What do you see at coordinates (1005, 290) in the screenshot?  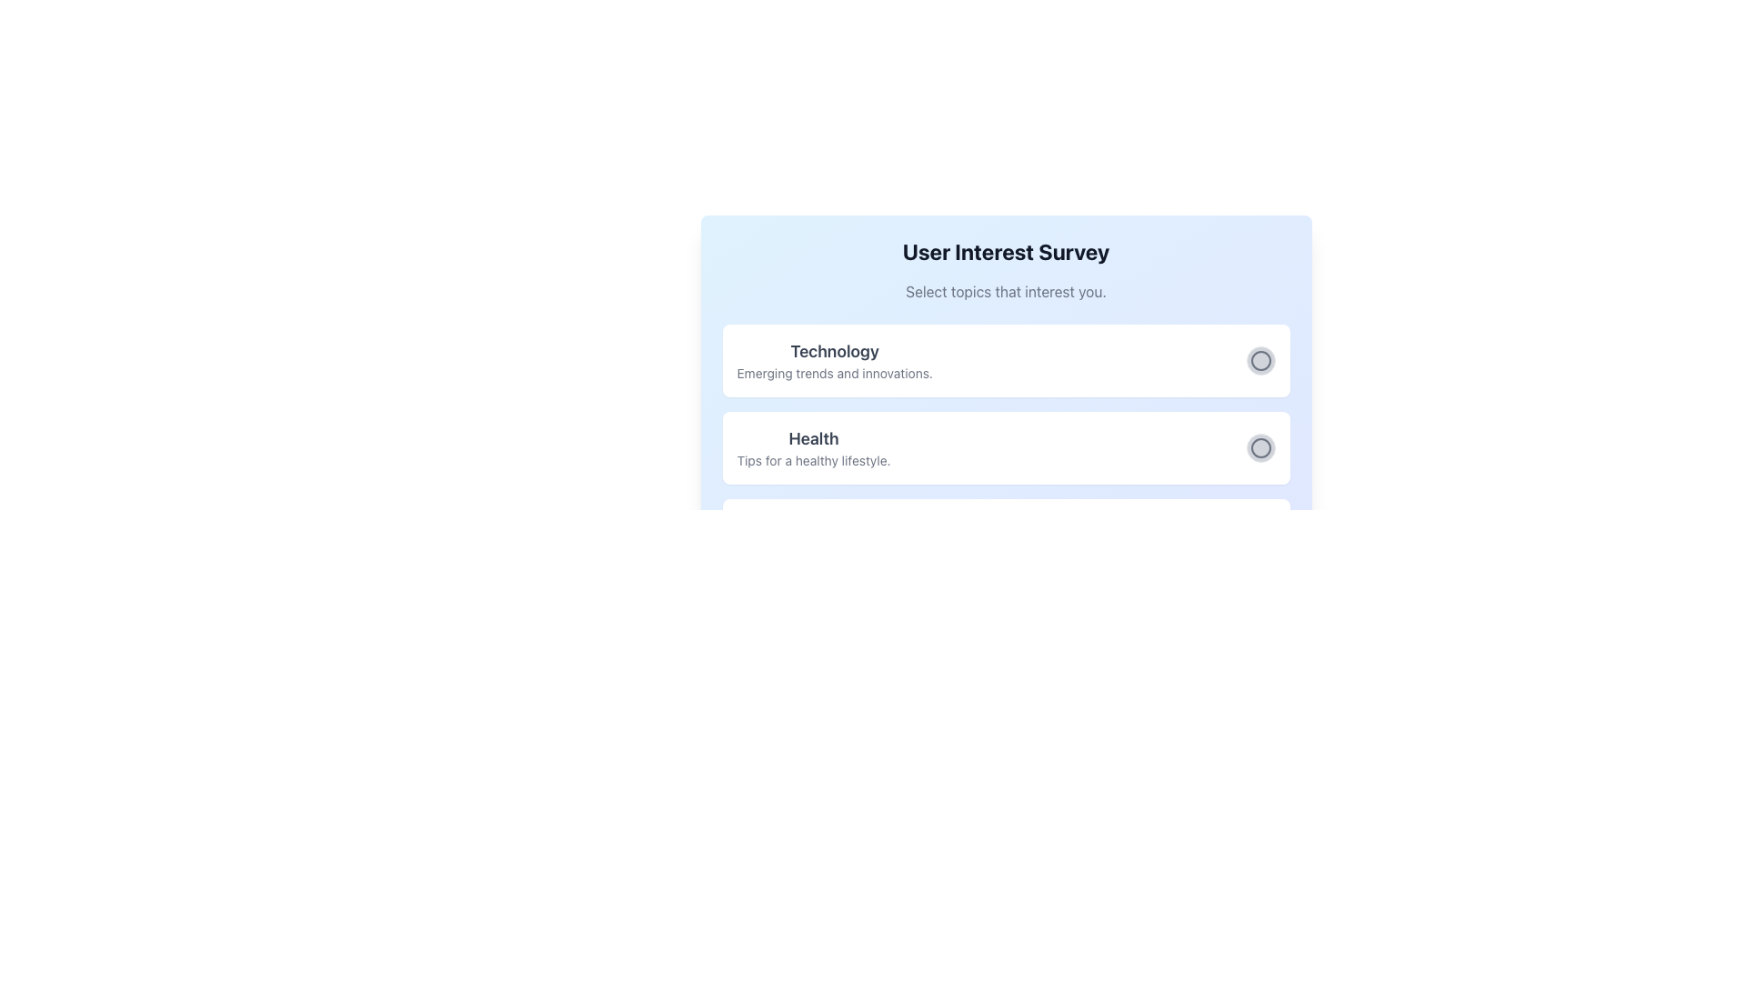 I see `text label displaying 'Select topics that interest you.' which is located beneath the title in the 'User Interest Survey' panel` at bounding box center [1005, 290].